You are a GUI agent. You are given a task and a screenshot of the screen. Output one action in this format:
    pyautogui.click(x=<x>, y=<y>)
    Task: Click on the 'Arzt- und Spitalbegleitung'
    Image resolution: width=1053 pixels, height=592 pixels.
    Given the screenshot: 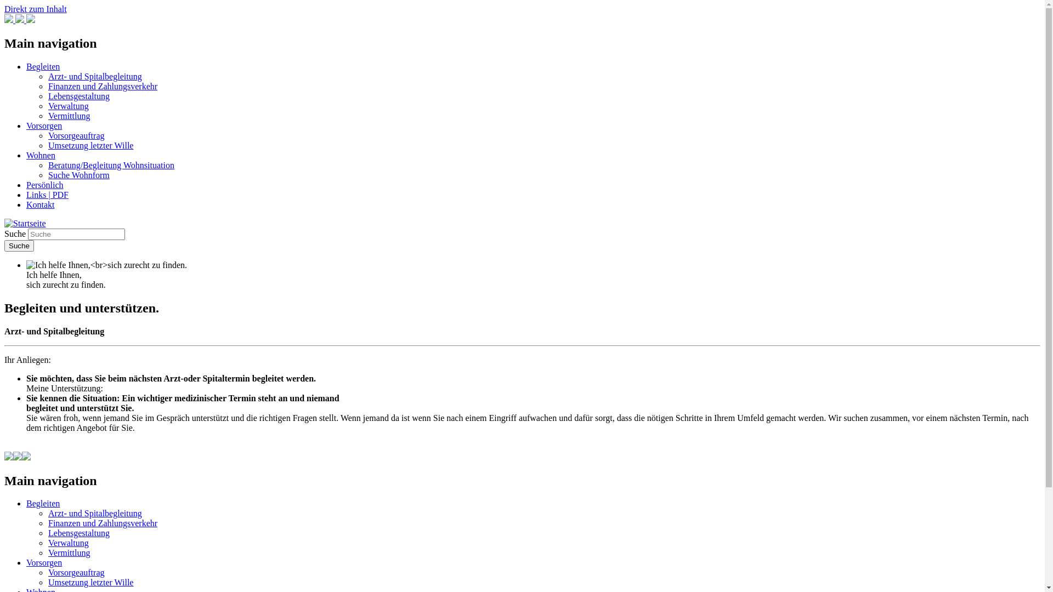 What is the action you would take?
    pyautogui.click(x=47, y=513)
    